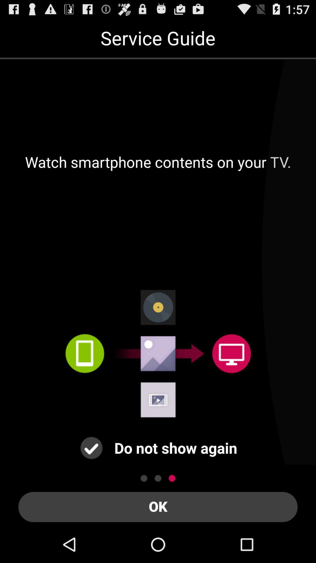 The width and height of the screenshot is (316, 563). What do you see at coordinates (158, 507) in the screenshot?
I see `the ok item` at bounding box center [158, 507].